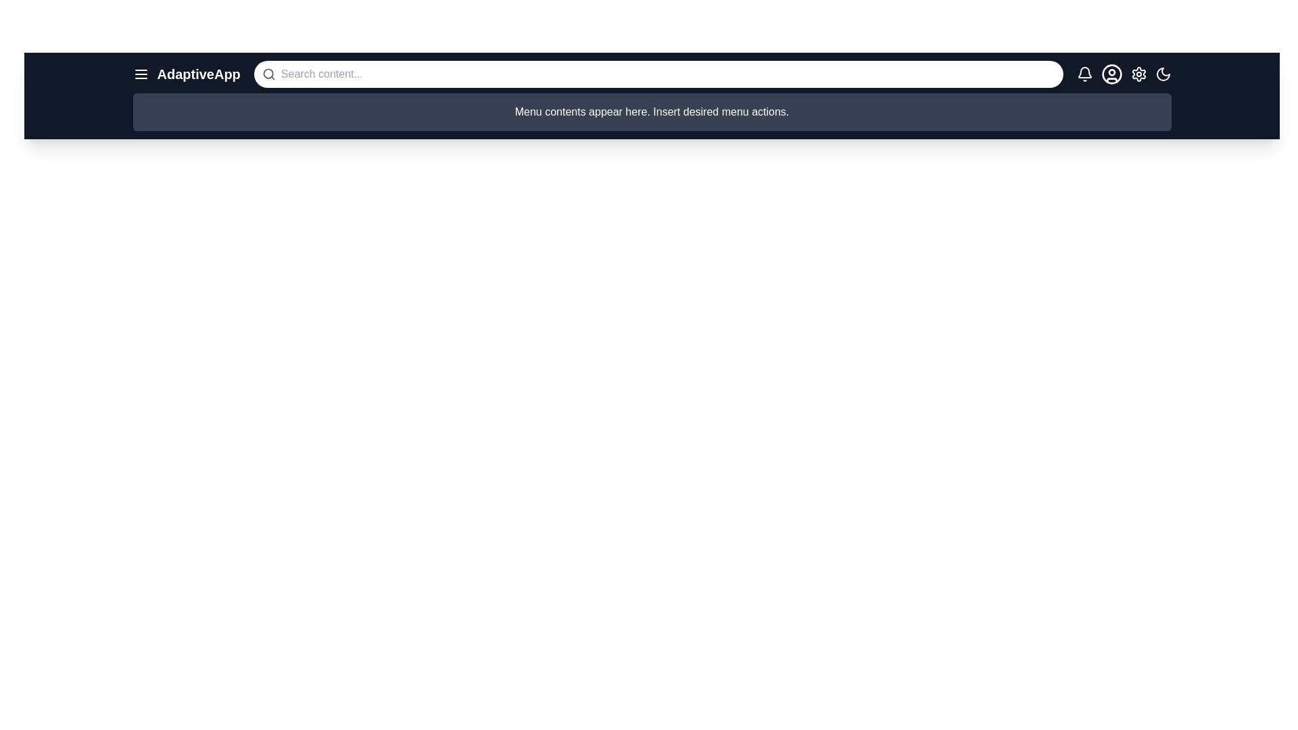 The height and width of the screenshot is (730, 1298). What do you see at coordinates (1084, 74) in the screenshot?
I see `the bell icon to reveal its tooltip` at bounding box center [1084, 74].